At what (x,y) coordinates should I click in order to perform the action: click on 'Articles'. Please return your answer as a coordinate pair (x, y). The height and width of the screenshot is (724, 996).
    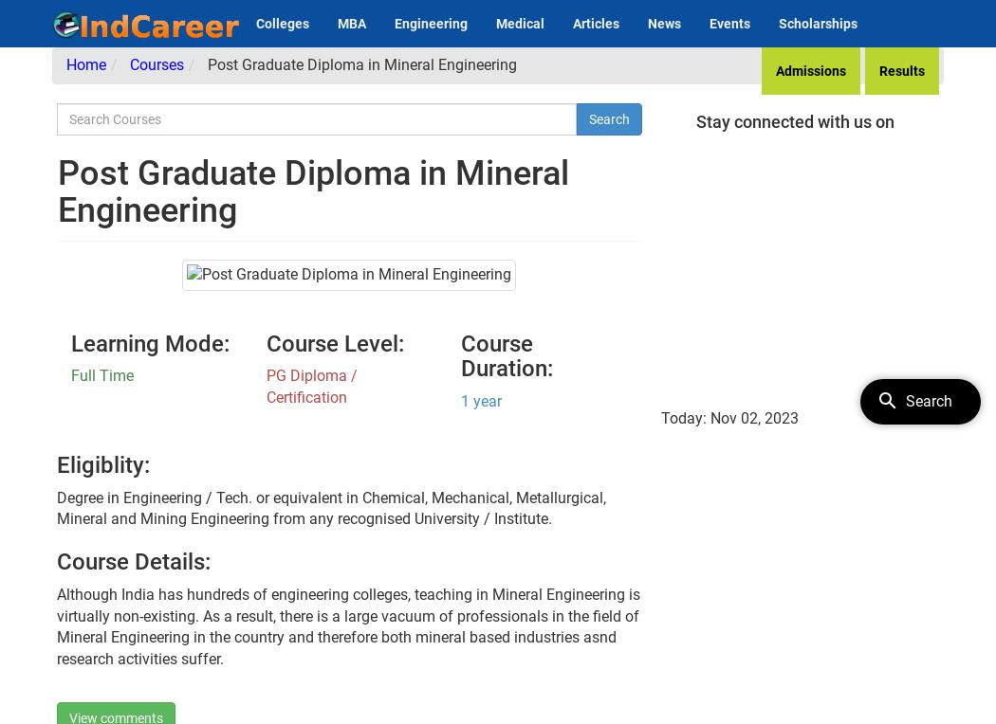
    Looking at the image, I should click on (596, 22).